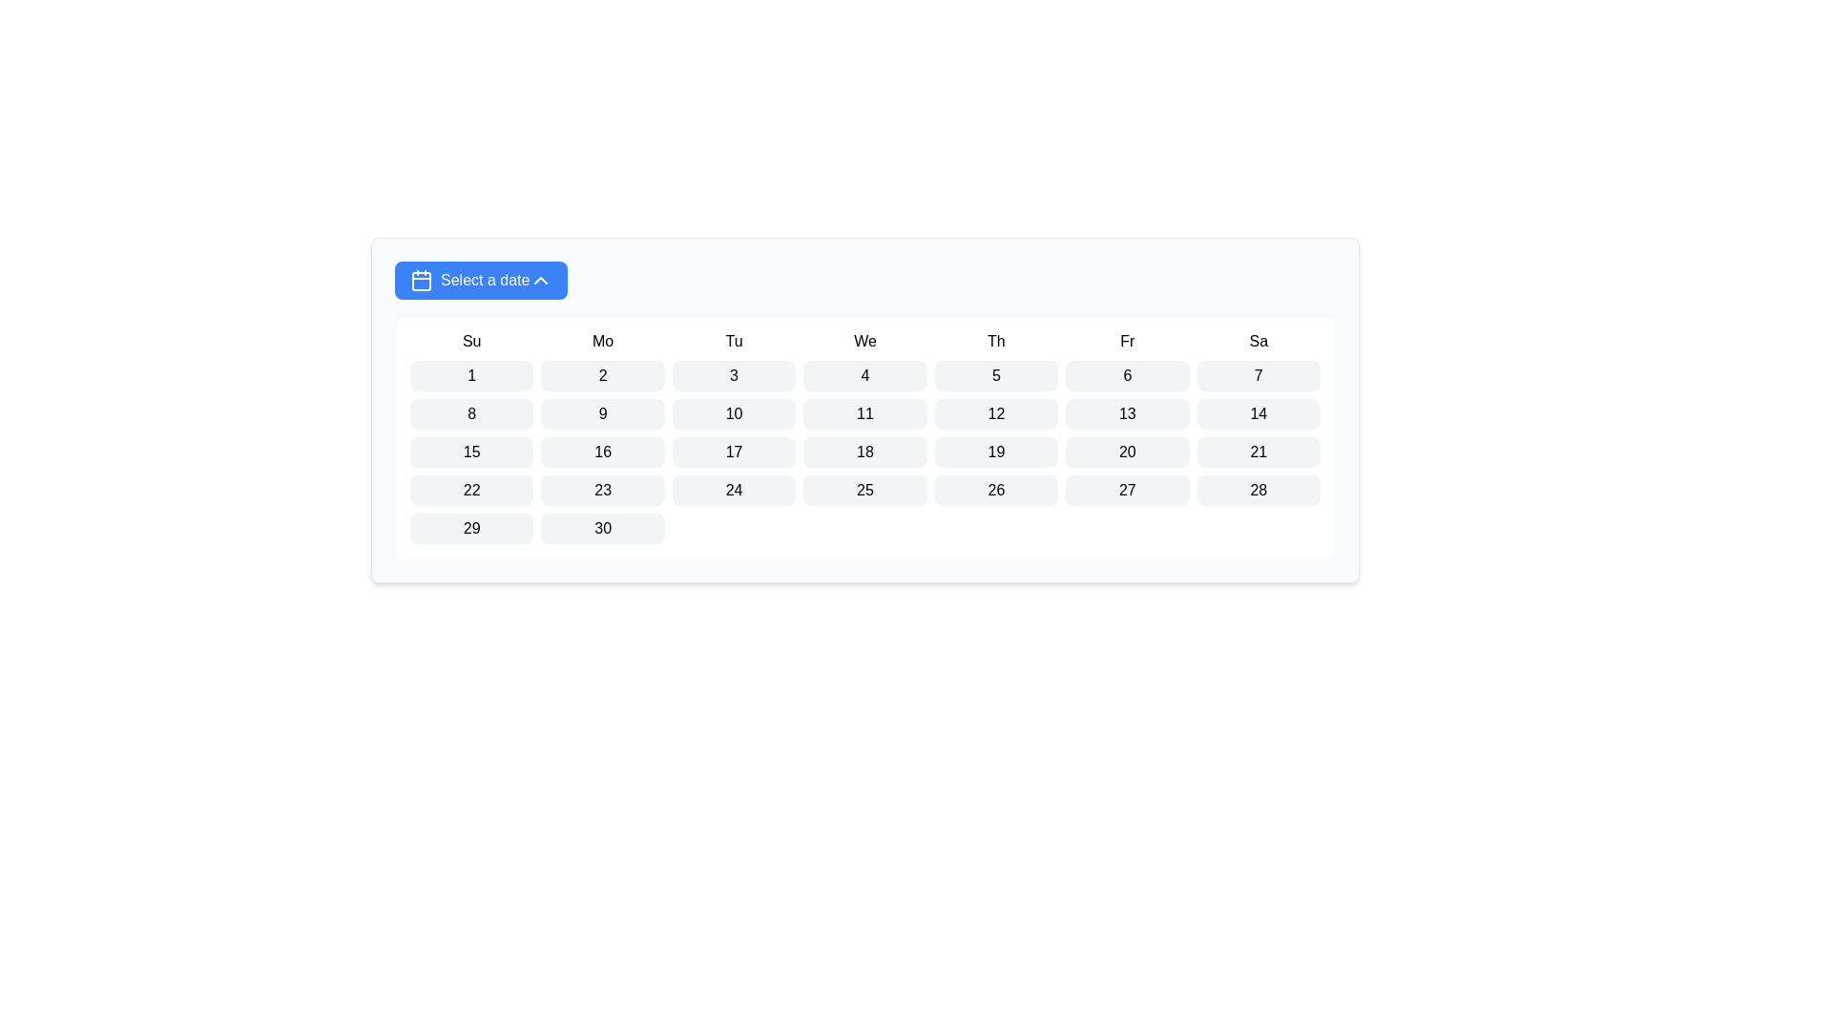 The width and height of the screenshot is (1832, 1031). I want to click on the button containing the number '3' in the first row under the 'Tu' column, so click(733, 375).